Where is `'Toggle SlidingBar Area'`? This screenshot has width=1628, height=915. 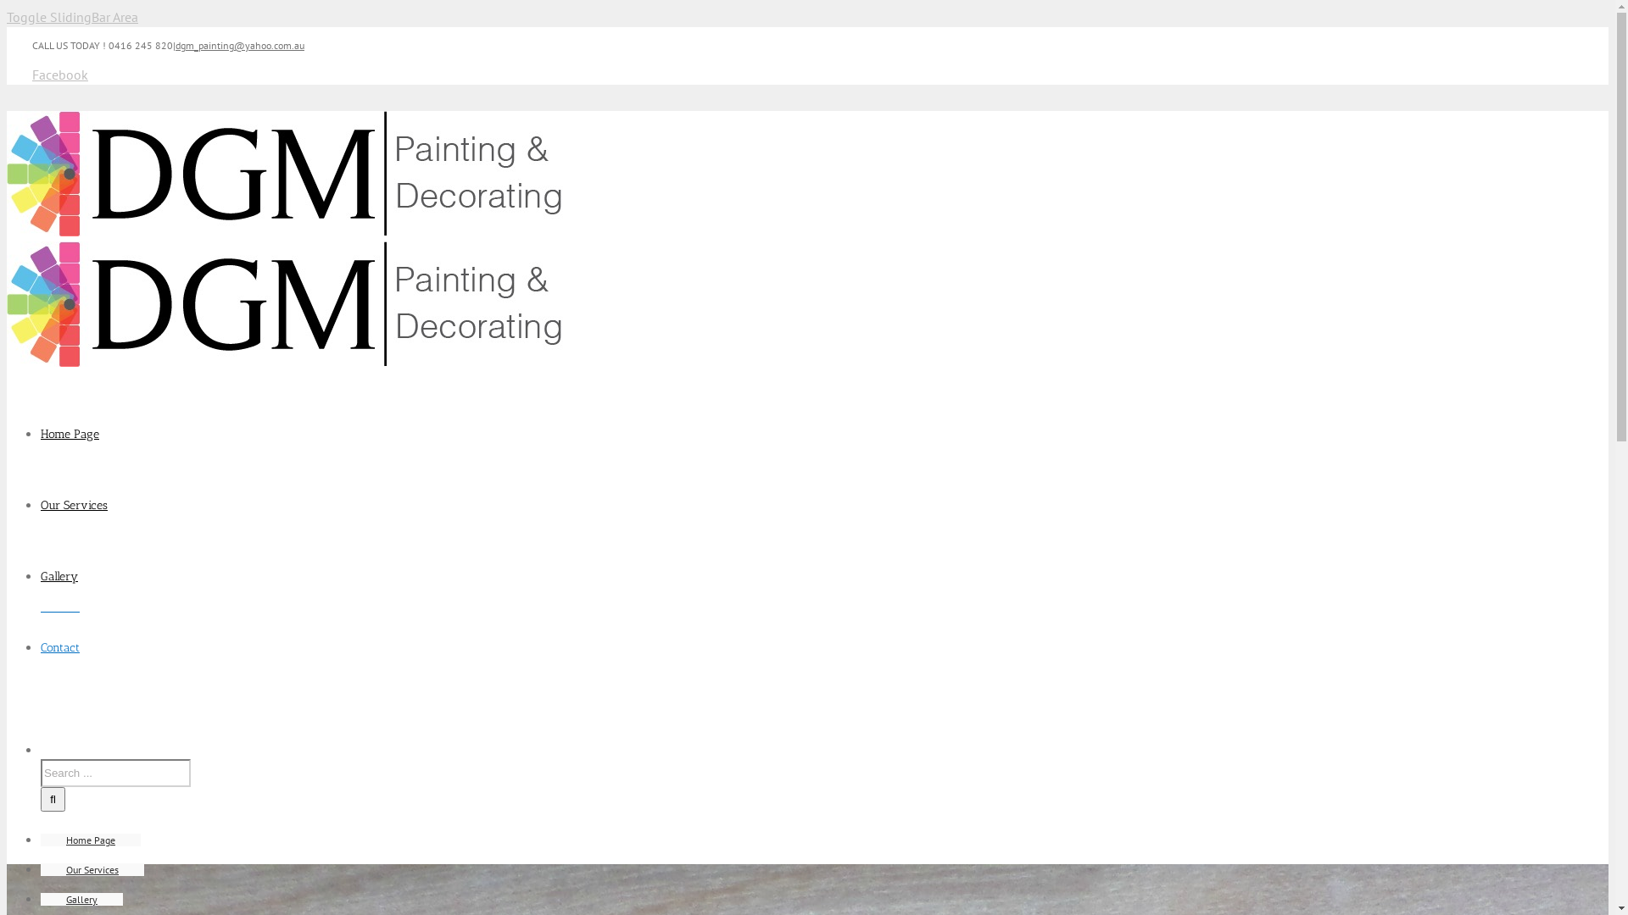
'Toggle SlidingBar Area' is located at coordinates (7, 16).